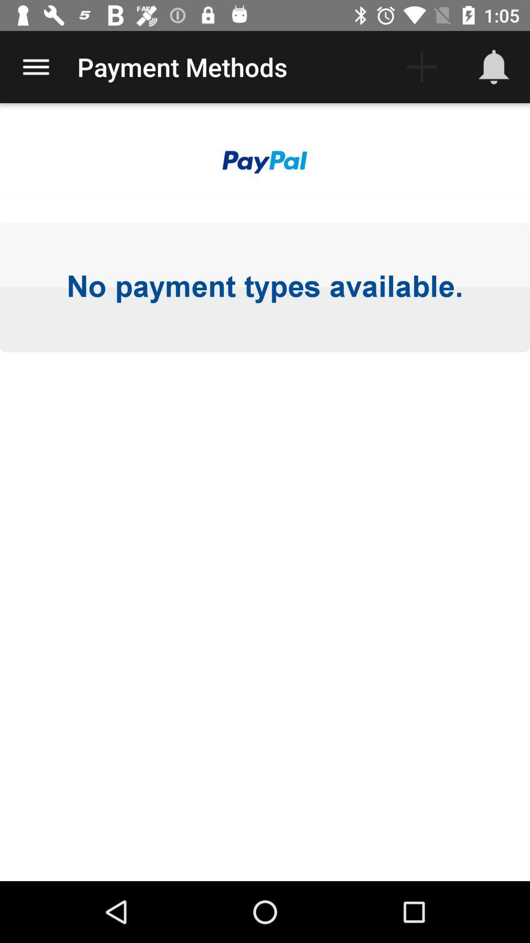 The width and height of the screenshot is (530, 943). I want to click on the item above the no payment types, so click(265, 163).